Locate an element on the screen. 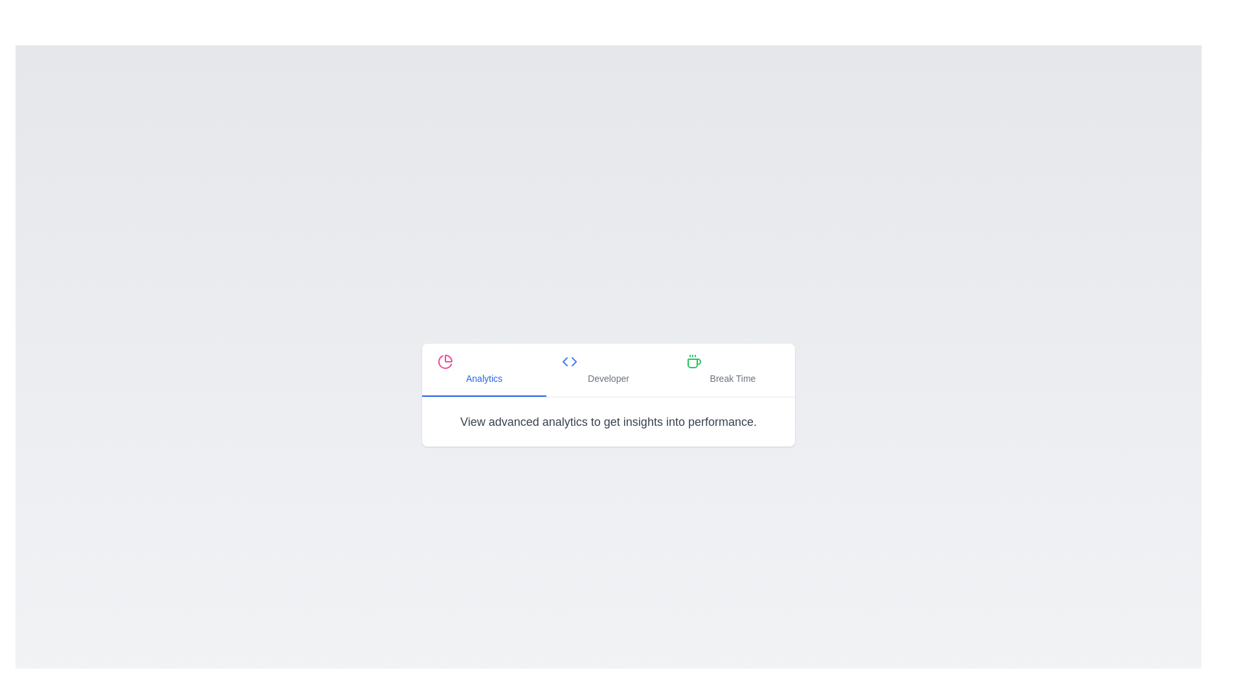  the tab labeled Developer is located at coordinates (608, 370).